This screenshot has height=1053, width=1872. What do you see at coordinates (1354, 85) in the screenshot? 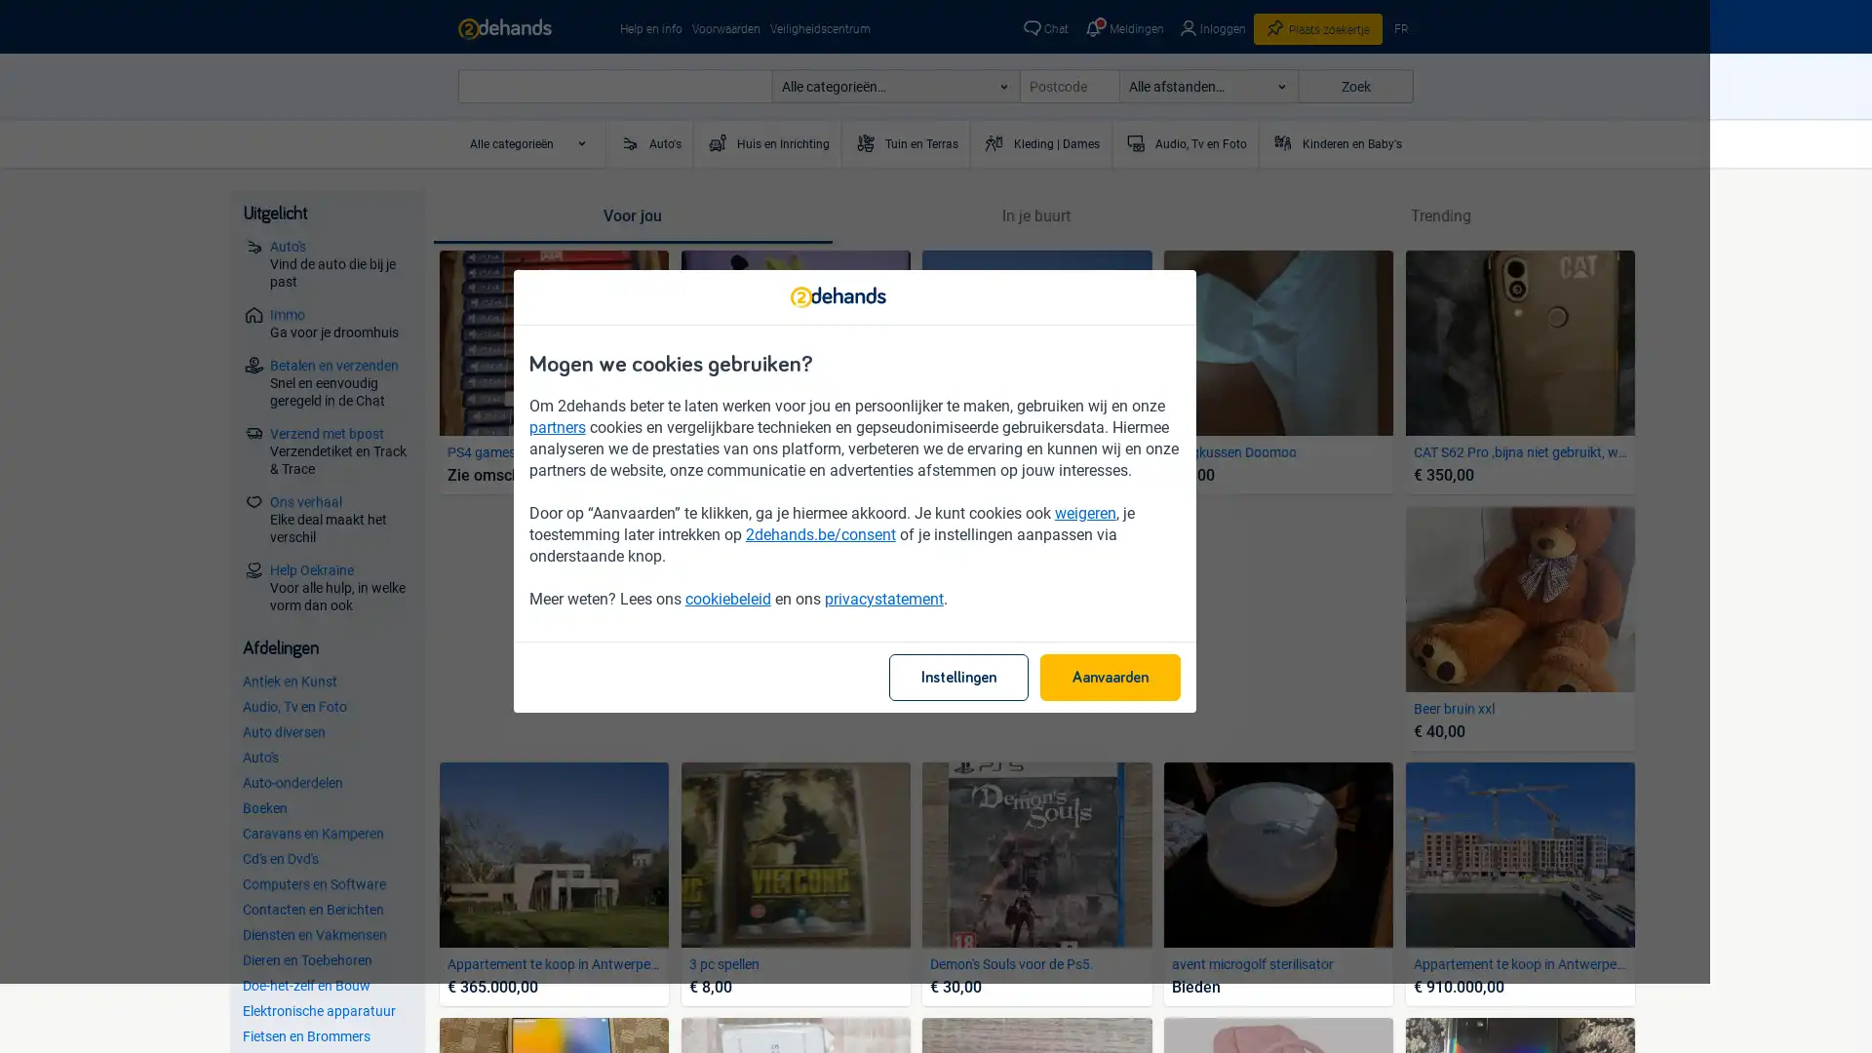
I see `Zoek` at bounding box center [1354, 85].